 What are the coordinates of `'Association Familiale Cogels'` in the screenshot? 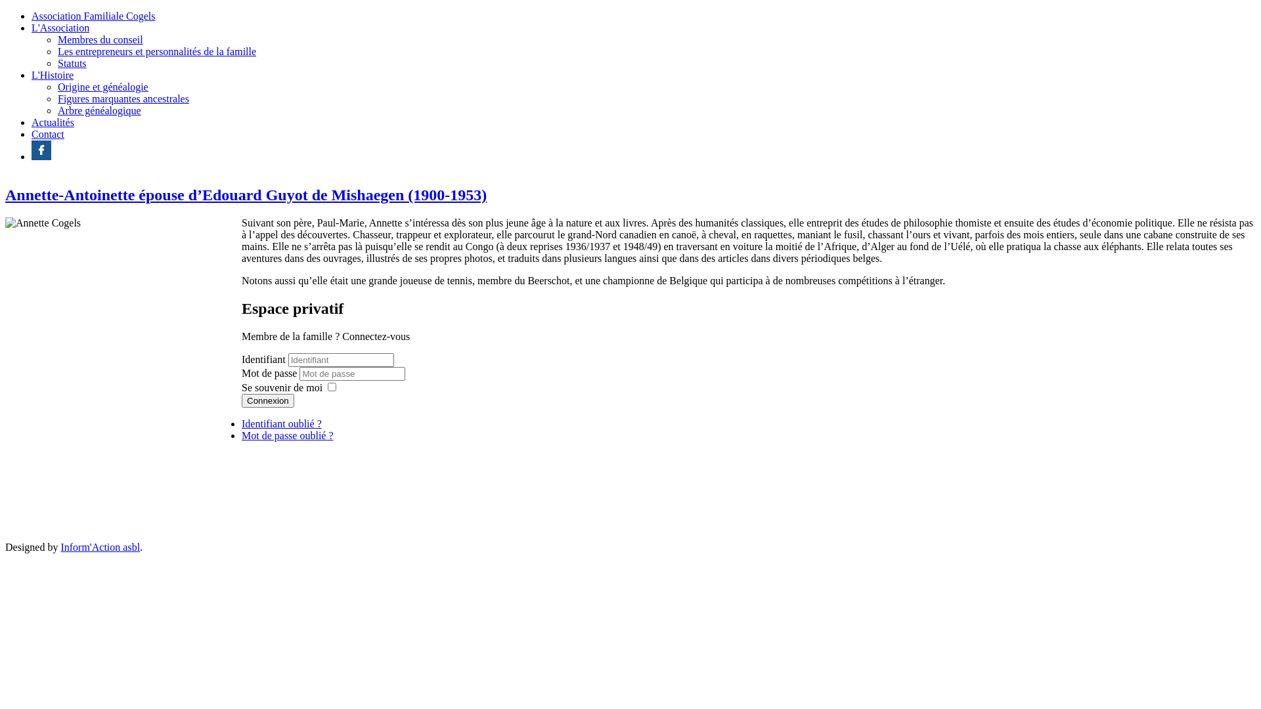 It's located at (32, 16).